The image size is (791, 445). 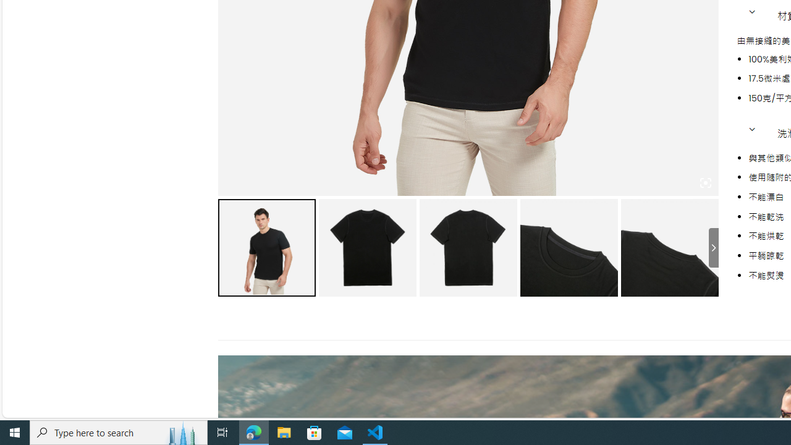 What do you see at coordinates (705, 183) in the screenshot?
I see `'Class: iconic-woothumbs-fullscreen'` at bounding box center [705, 183].